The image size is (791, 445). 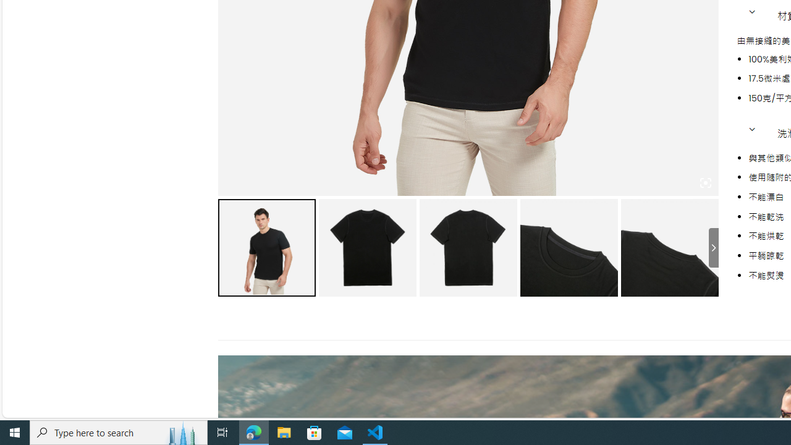 What do you see at coordinates (705, 183) in the screenshot?
I see `'Class: iconic-woothumbs-fullscreen'` at bounding box center [705, 183].